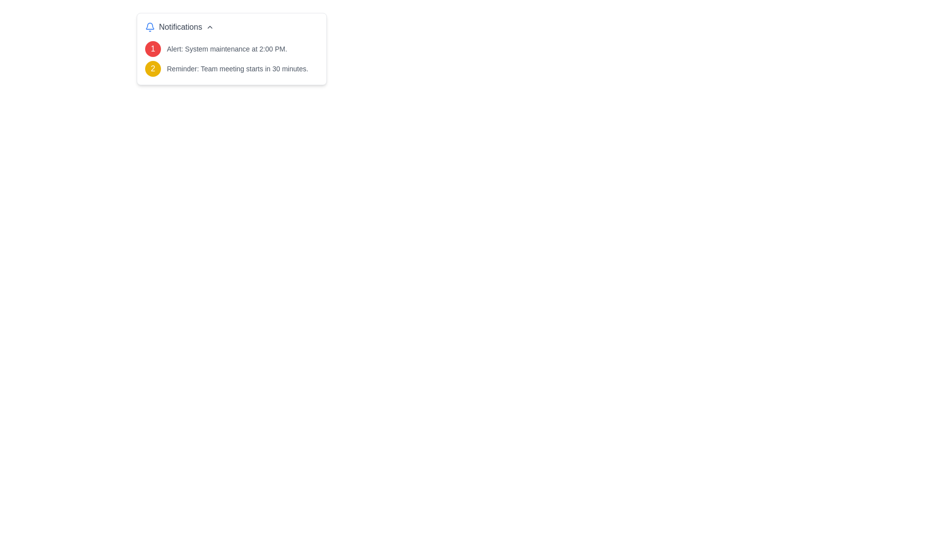 Image resolution: width=951 pixels, height=535 pixels. What do you see at coordinates (152, 68) in the screenshot?
I see `the circular badge icon with a yellow background and white text '2', which is located to the far left of the second row within the notification card` at bounding box center [152, 68].